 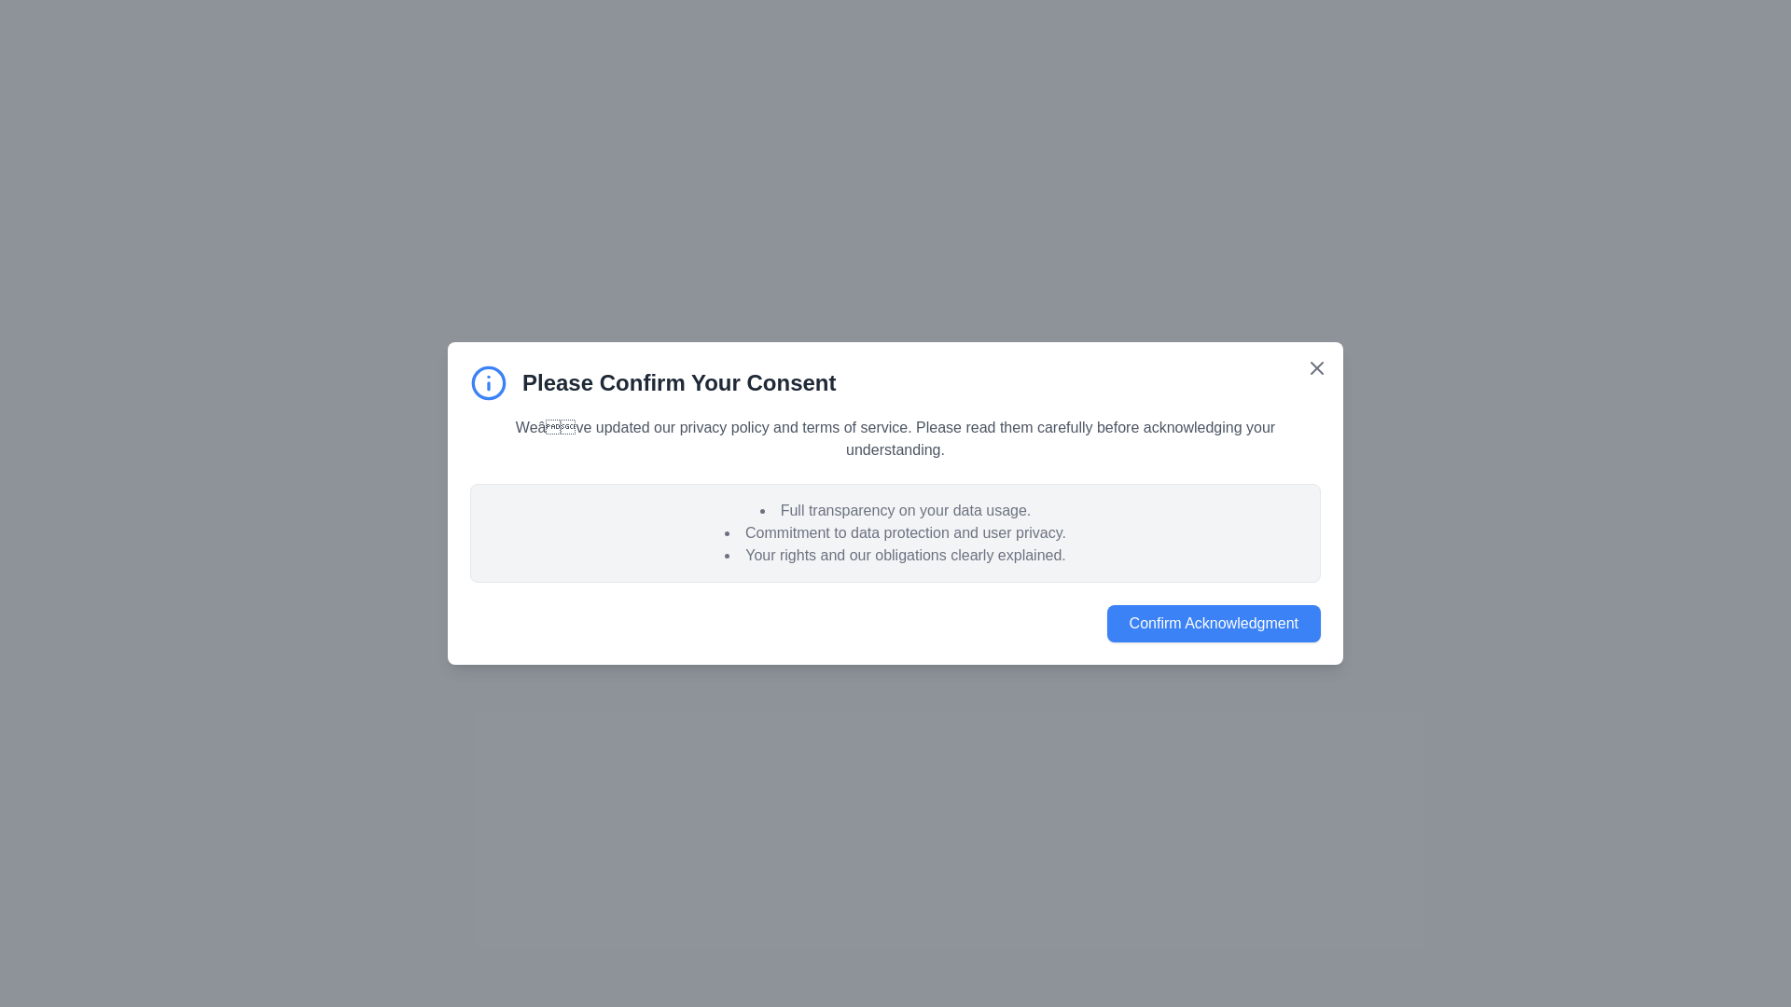 What do you see at coordinates (1213, 623) in the screenshot?
I see `'Confirm Acknowledgment' button` at bounding box center [1213, 623].